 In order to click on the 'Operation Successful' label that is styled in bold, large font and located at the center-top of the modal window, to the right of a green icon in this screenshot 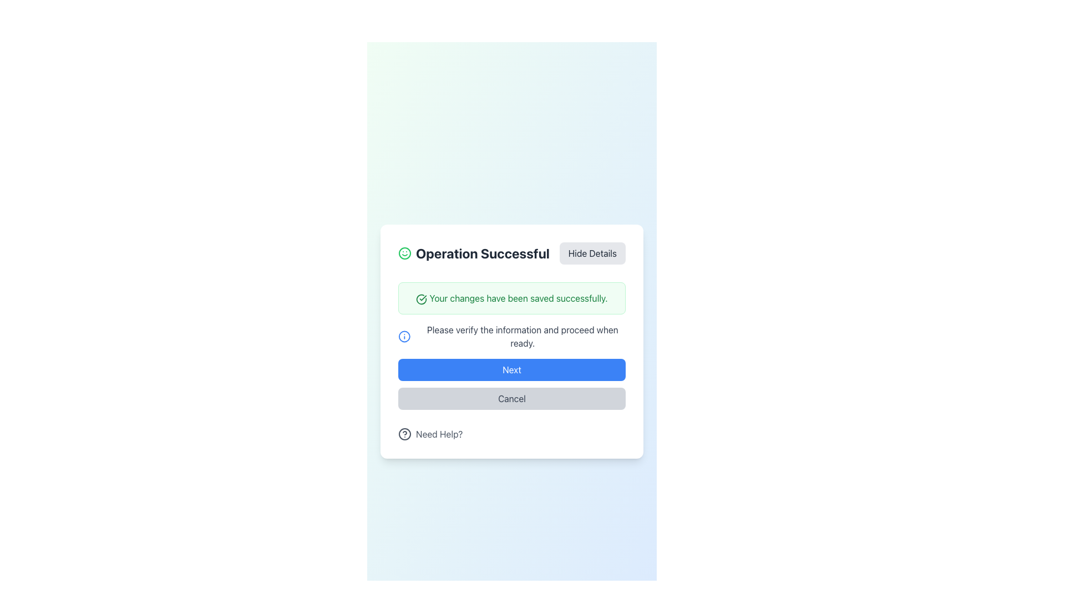, I will do `click(483, 253)`.